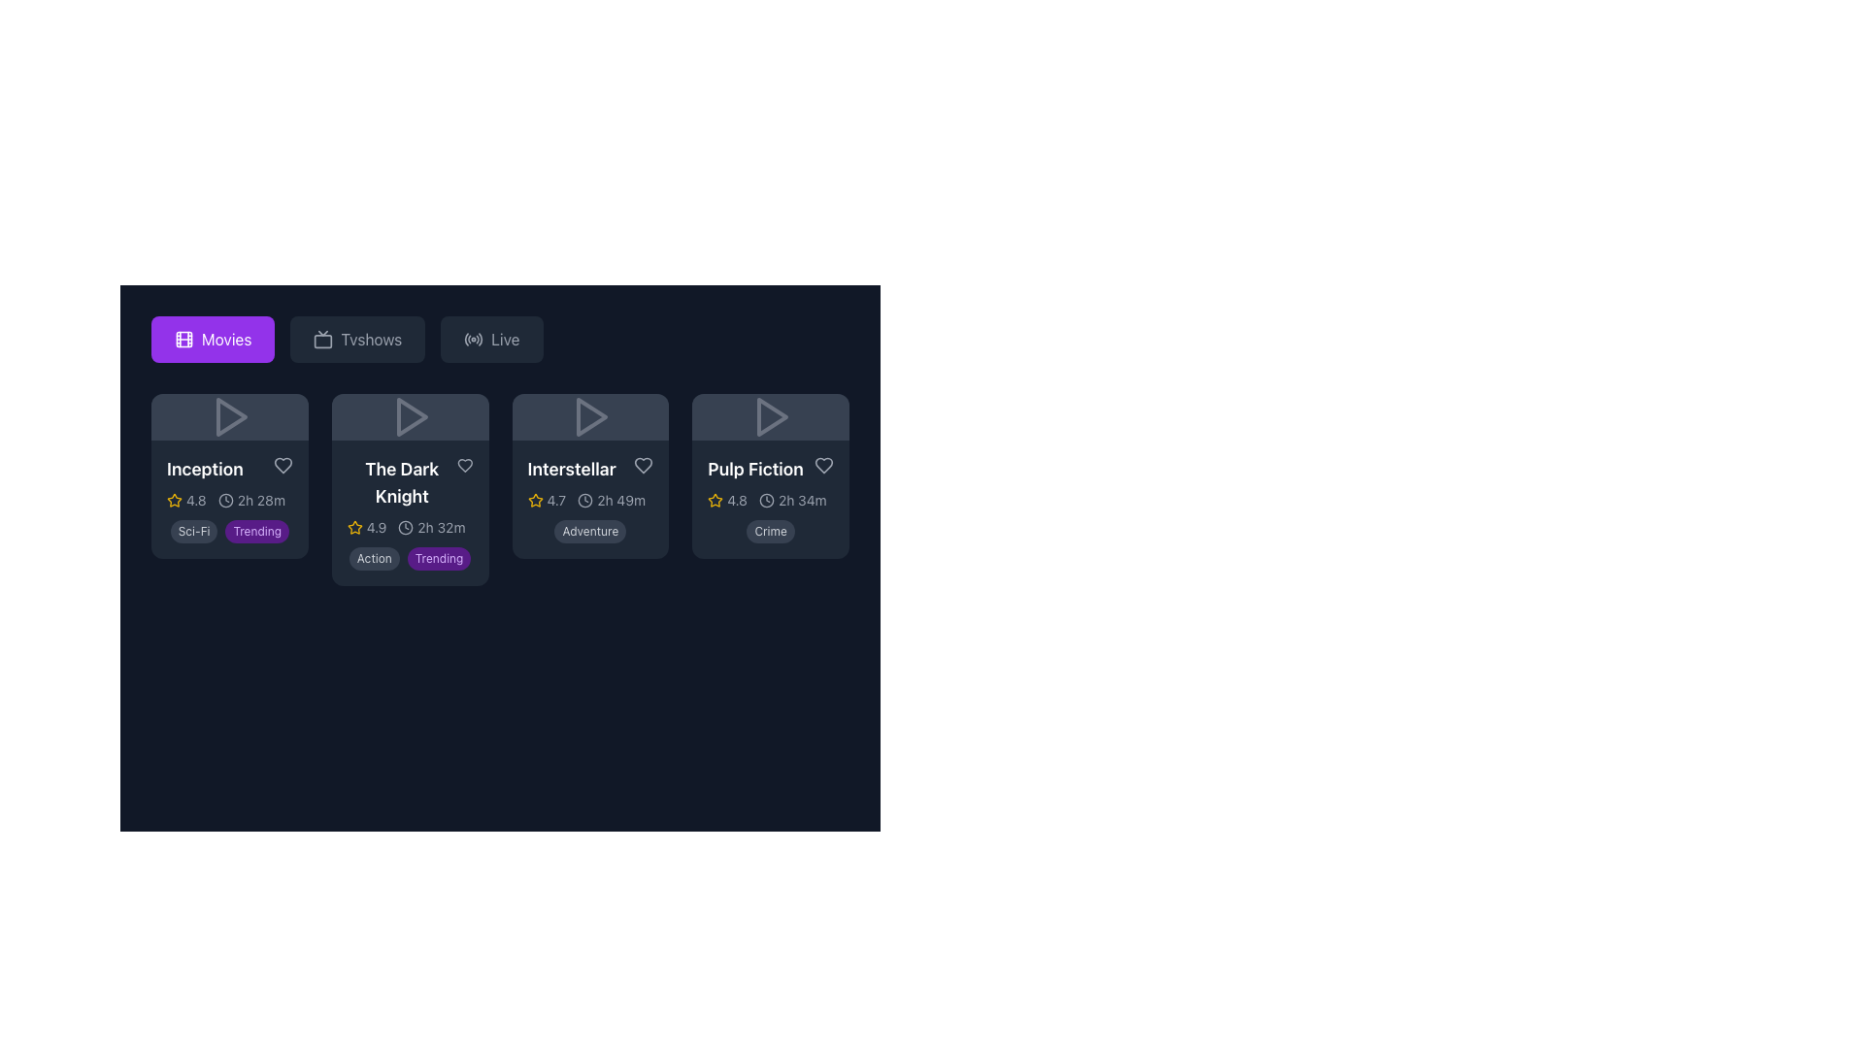  What do you see at coordinates (229, 499) in the screenshot?
I see `the tags labeled 'Sci-Fi' and 'Trending' within the information card for the movie 'Inception'` at bounding box center [229, 499].